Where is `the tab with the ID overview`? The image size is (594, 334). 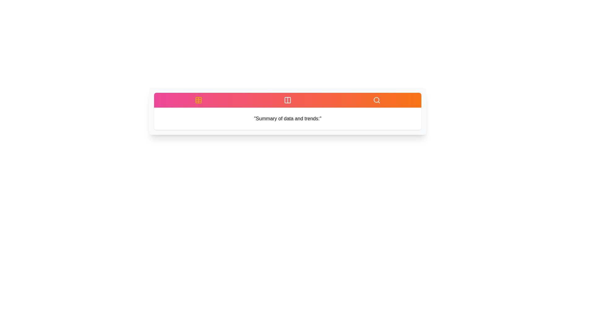 the tab with the ID overview is located at coordinates (199, 100).